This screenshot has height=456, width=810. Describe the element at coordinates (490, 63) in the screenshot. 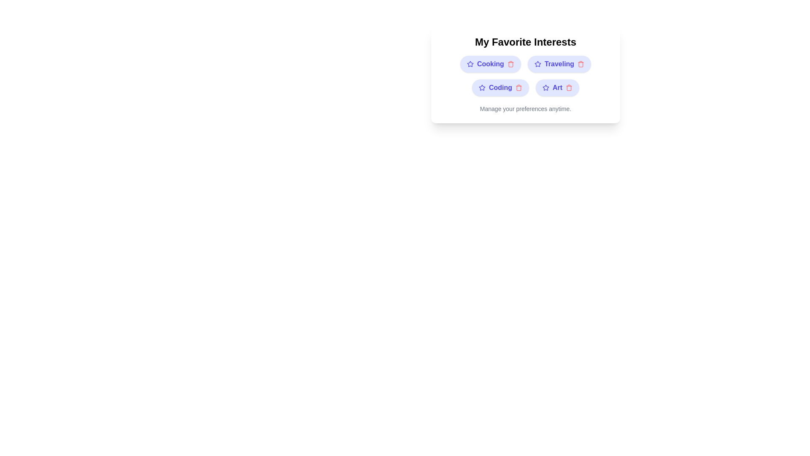

I see `the interest tag Cooking to observe the hover effect` at that location.